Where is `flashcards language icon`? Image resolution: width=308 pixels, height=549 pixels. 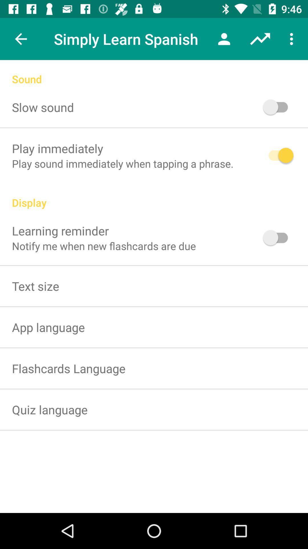 flashcards language icon is located at coordinates (68, 368).